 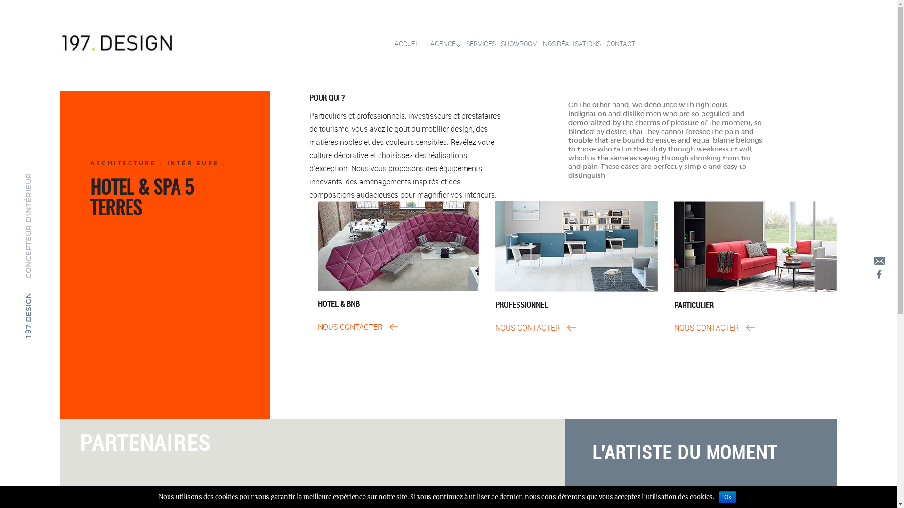 I want to click on 'SERVICES', so click(x=461, y=44).